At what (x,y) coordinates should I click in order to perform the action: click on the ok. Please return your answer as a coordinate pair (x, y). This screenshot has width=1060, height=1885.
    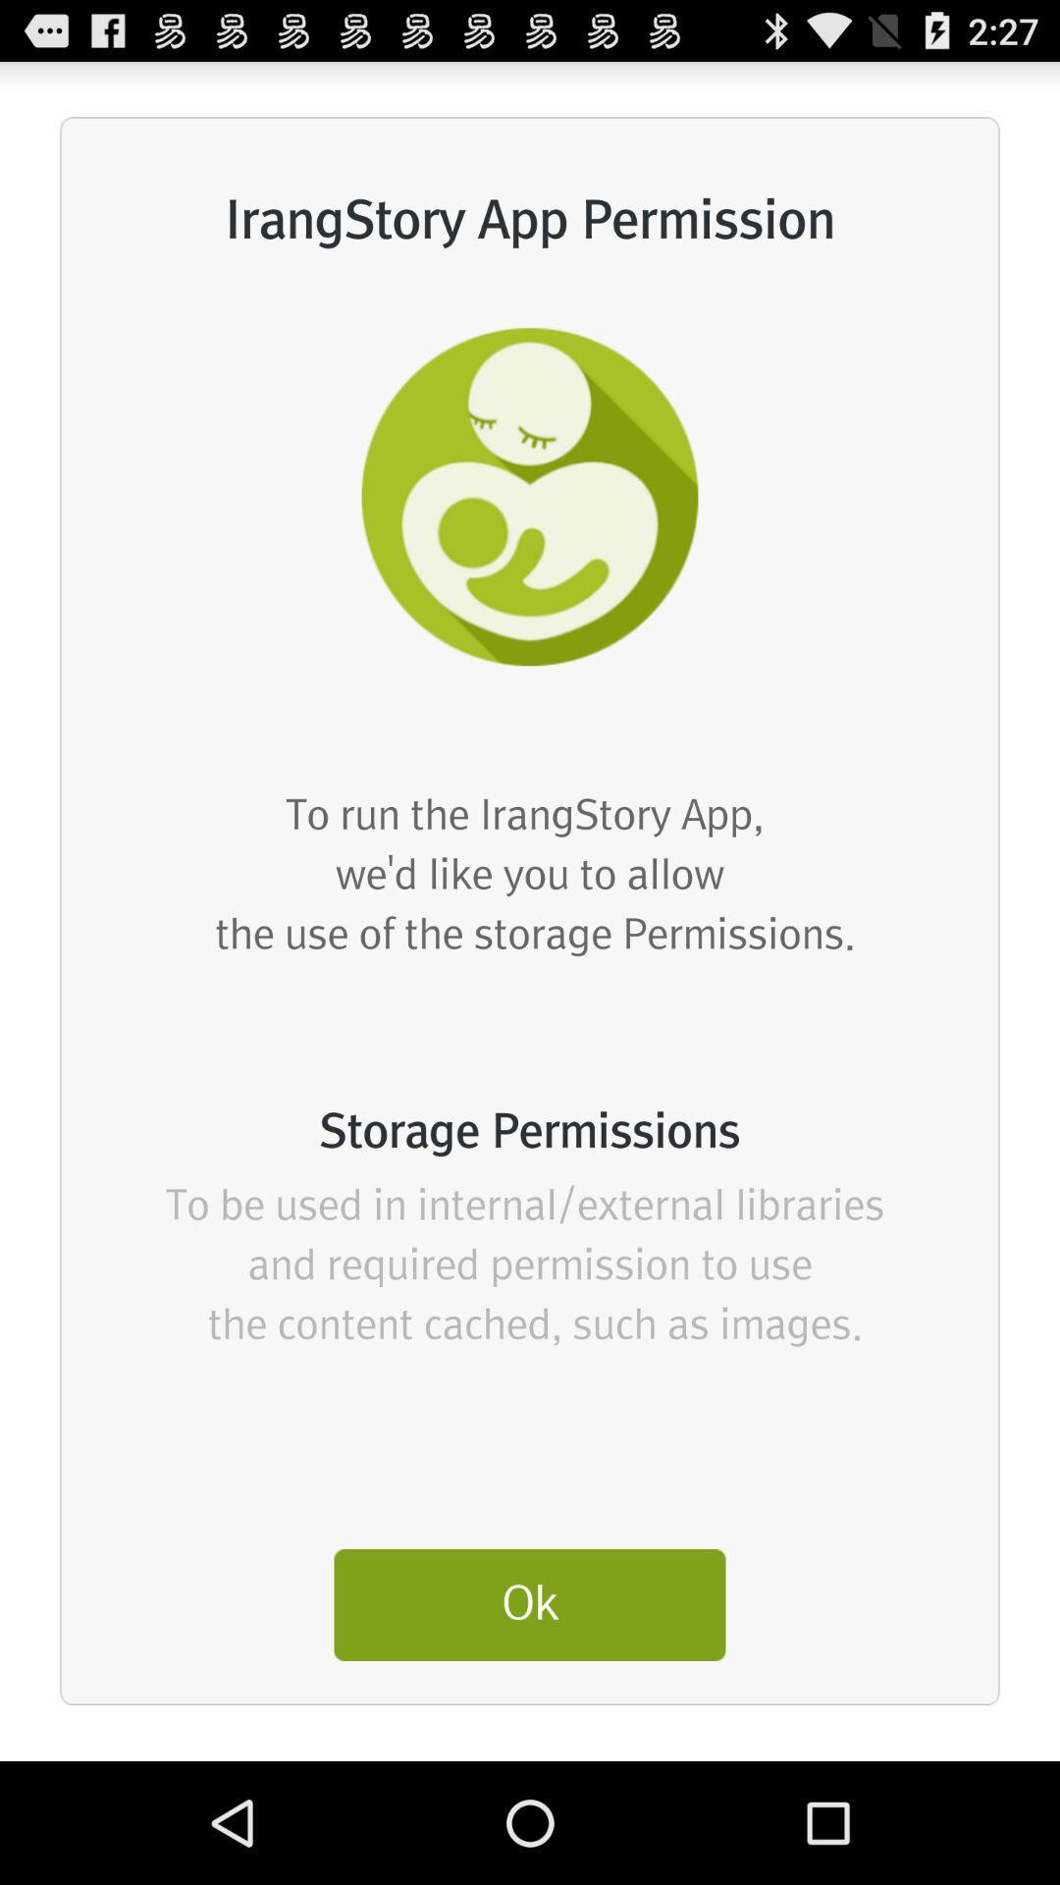
    Looking at the image, I should click on (530, 1605).